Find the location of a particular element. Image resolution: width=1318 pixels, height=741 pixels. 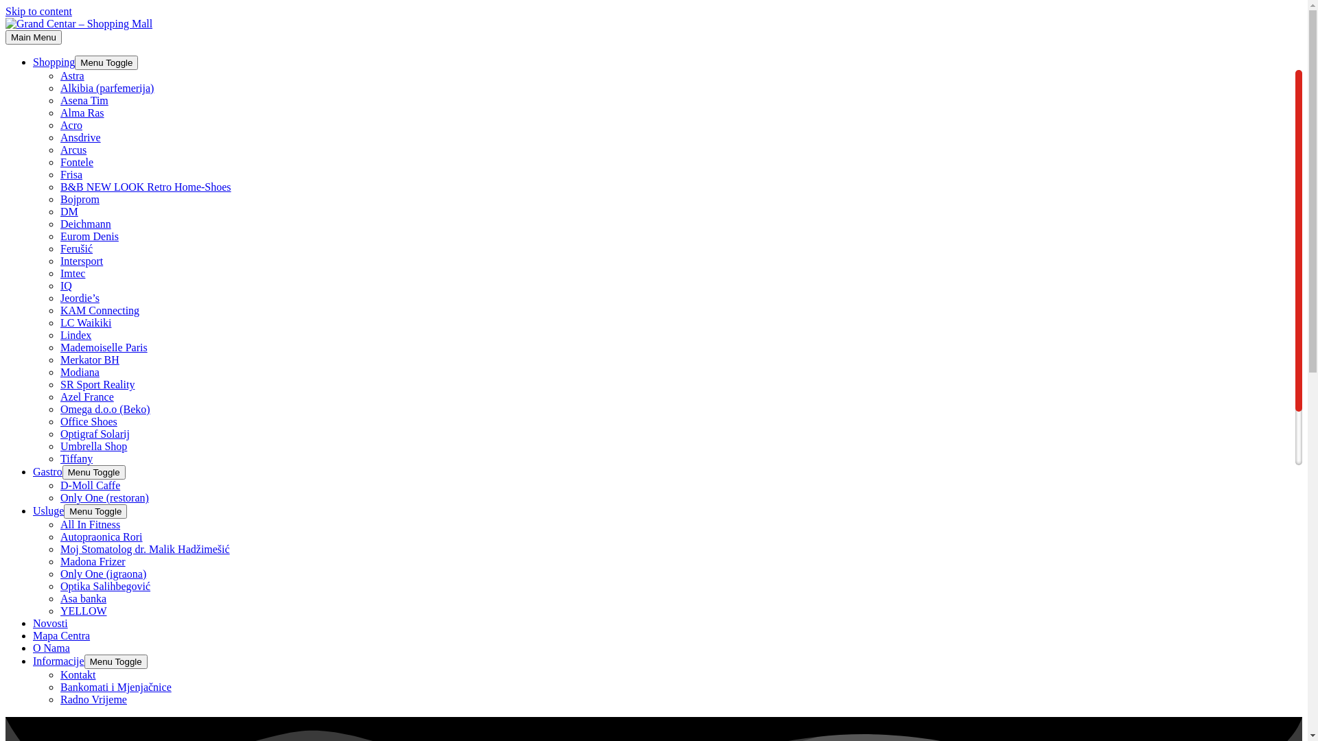

'Fontele' is located at coordinates (76, 161).